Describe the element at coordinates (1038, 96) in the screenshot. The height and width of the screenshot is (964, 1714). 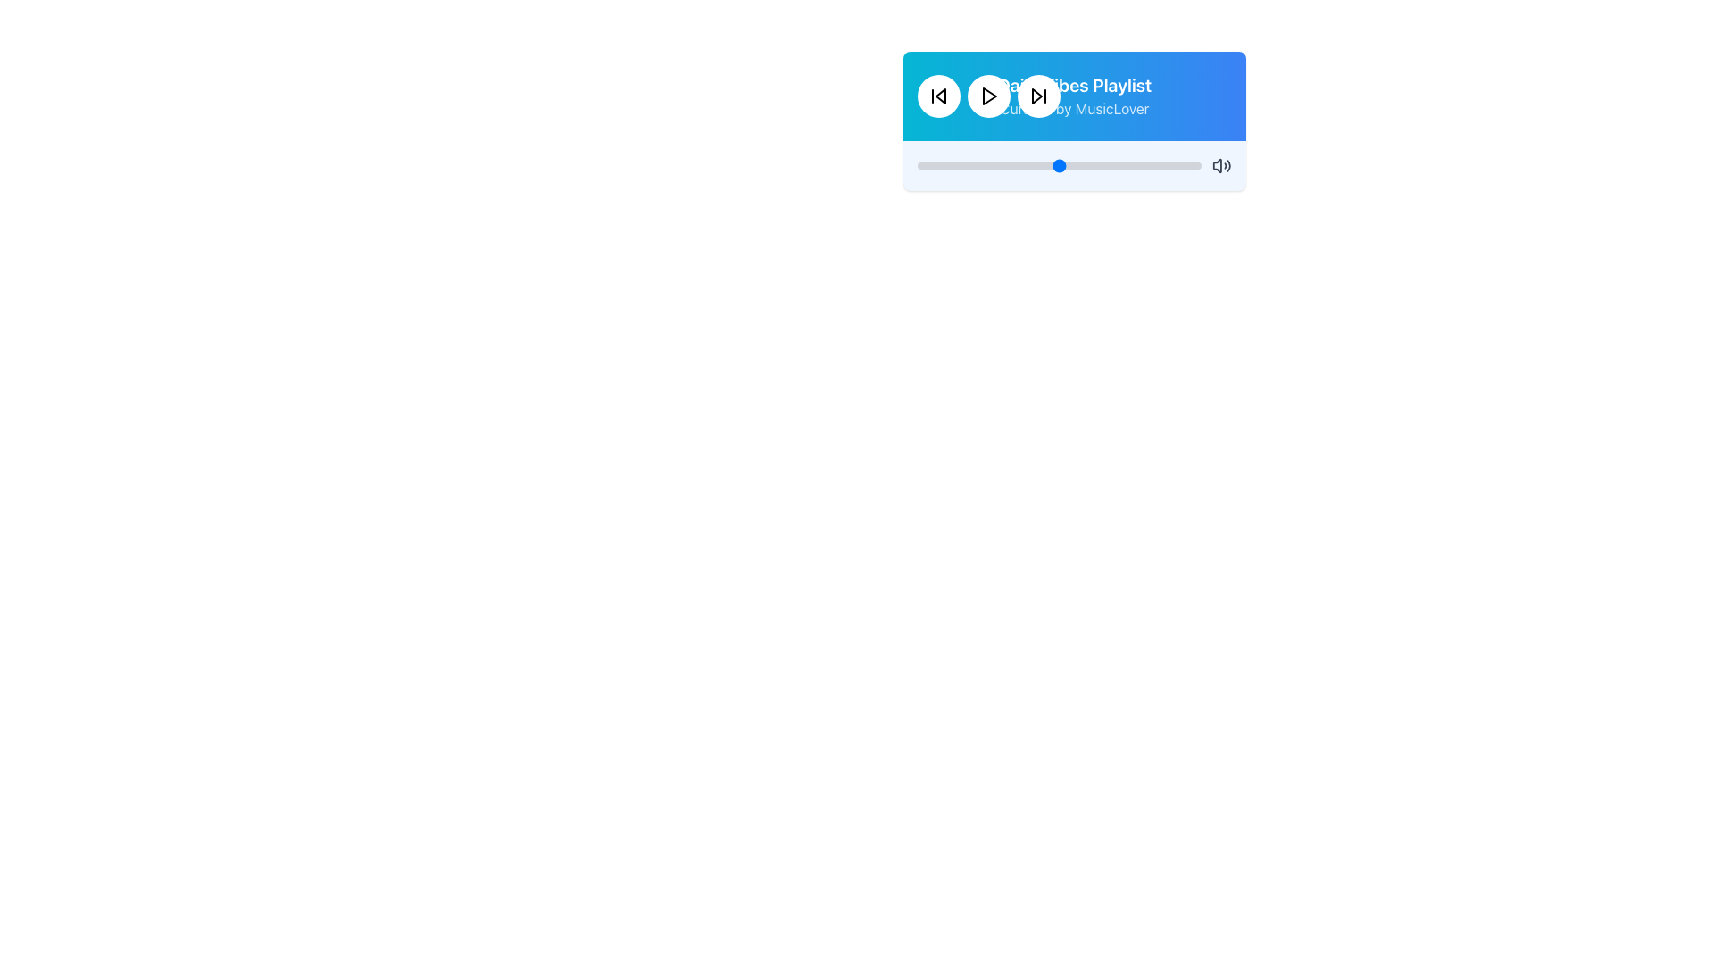
I see `the button on the far right side of the row containing three circular buttons` at that location.